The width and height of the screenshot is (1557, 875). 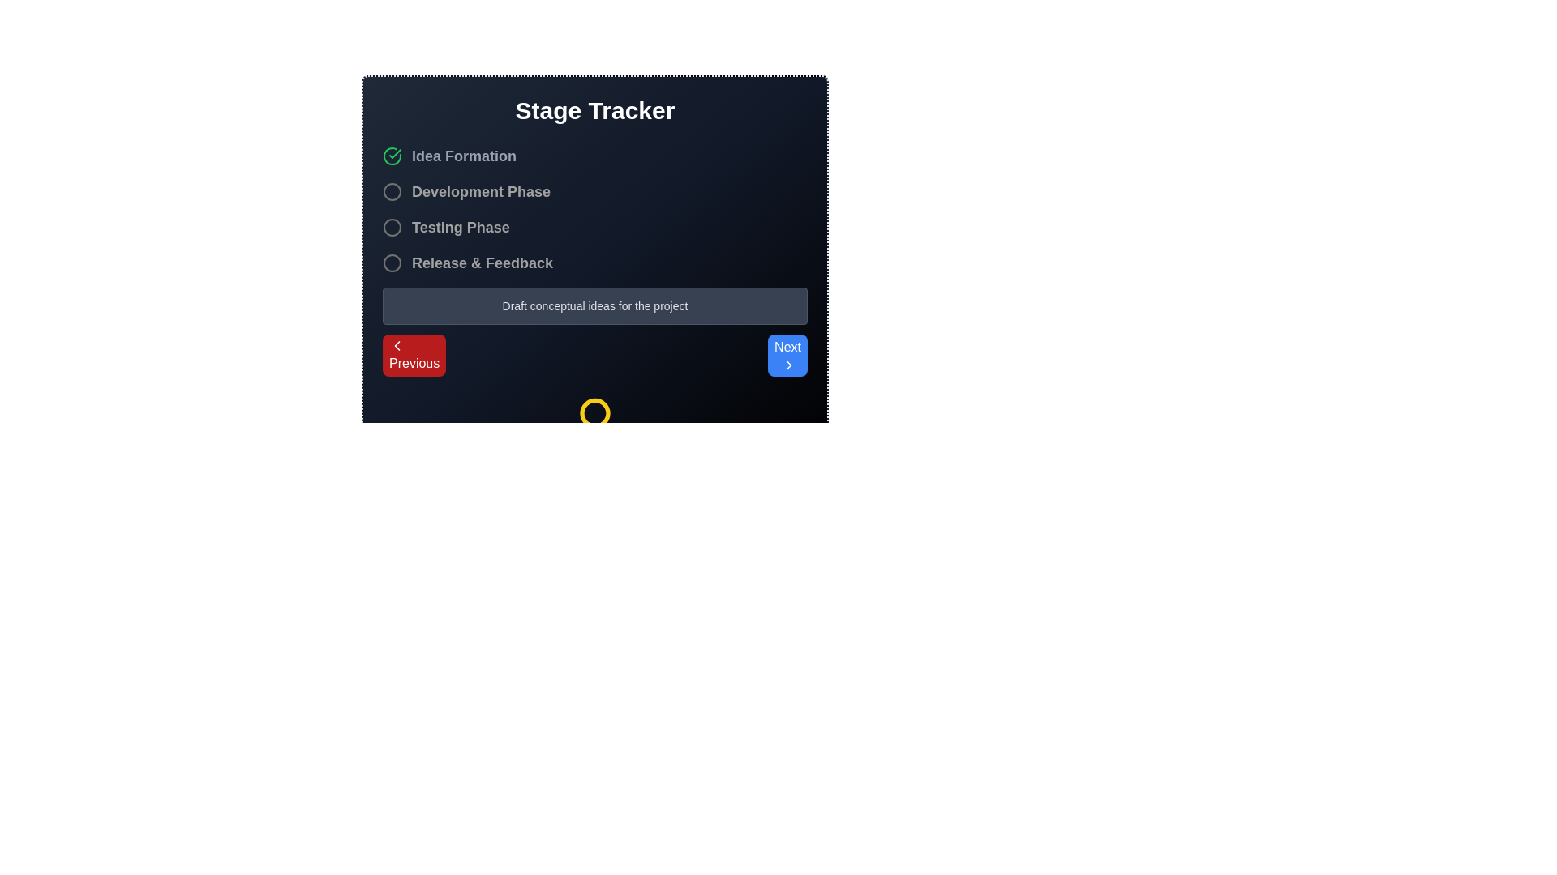 I want to click on the 'Development Phase' text label to select the phase by clicking on it, which is styled in light gray and bold, located below 'Idea Formation' and above 'Testing Phase', so click(x=480, y=190).